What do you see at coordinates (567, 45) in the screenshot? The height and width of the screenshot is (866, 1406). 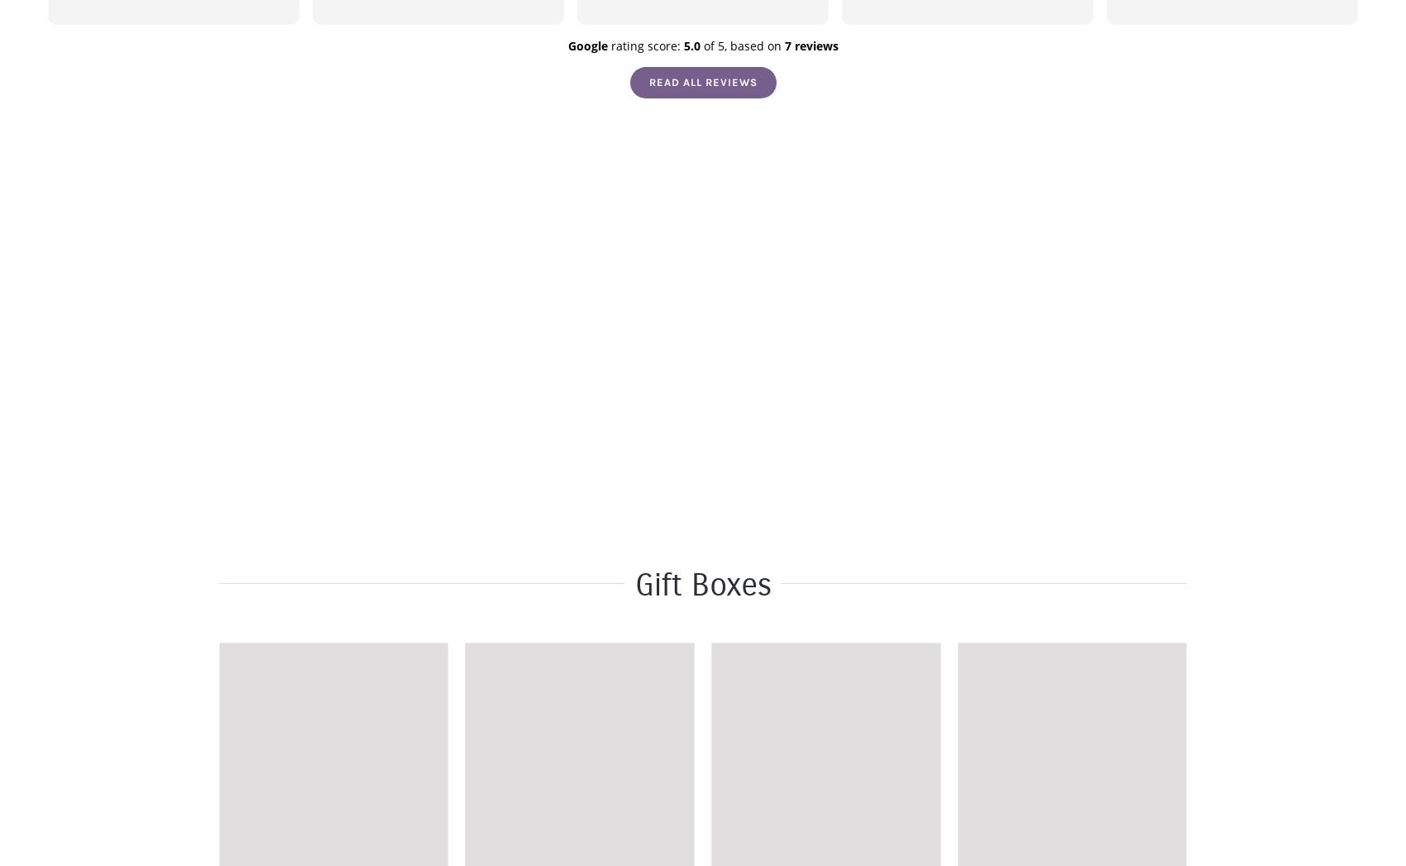 I see `'Google'` at bounding box center [567, 45].